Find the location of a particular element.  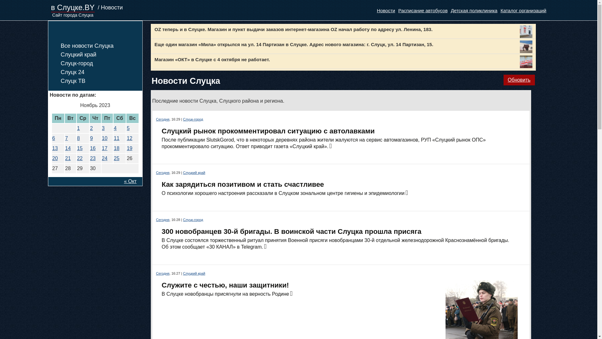

'25' is located at coordinates (114, 158).